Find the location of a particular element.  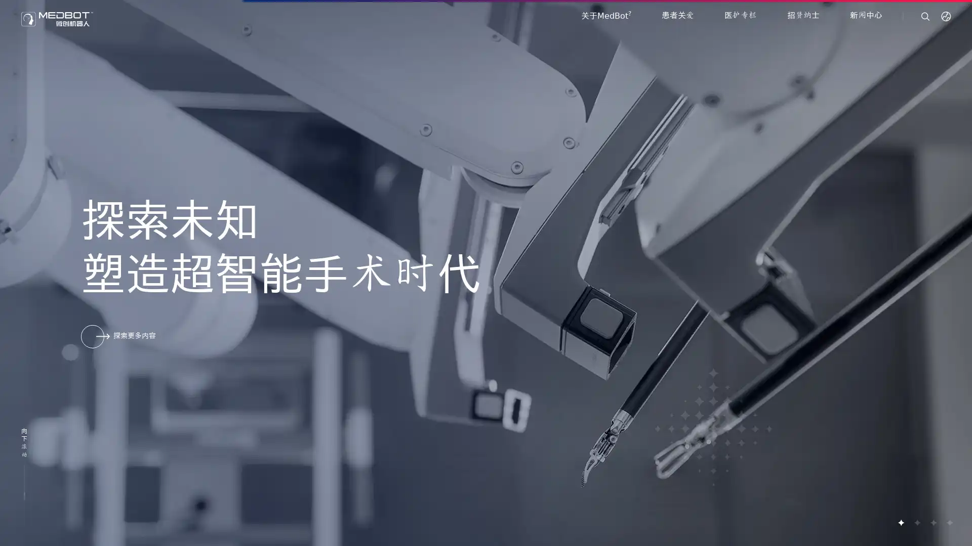

Go to slide 3 is located at coordinates (933, 522).